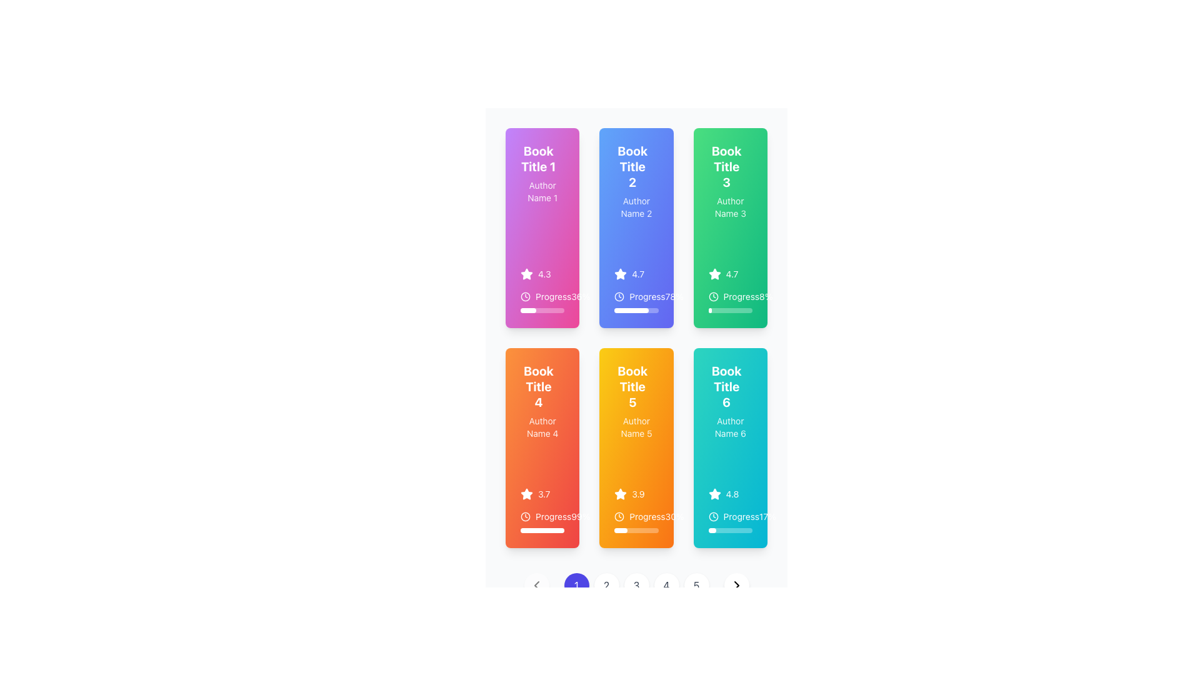  I want to click on the text element displaying 'Book Title 1' in bold at the top of the first card in the top row, so click(542, 173).